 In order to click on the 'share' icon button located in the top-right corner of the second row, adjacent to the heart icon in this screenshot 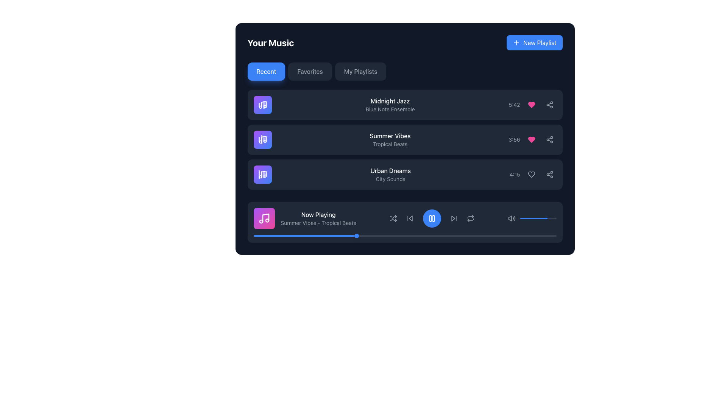, I will do `click(549, 105)`.